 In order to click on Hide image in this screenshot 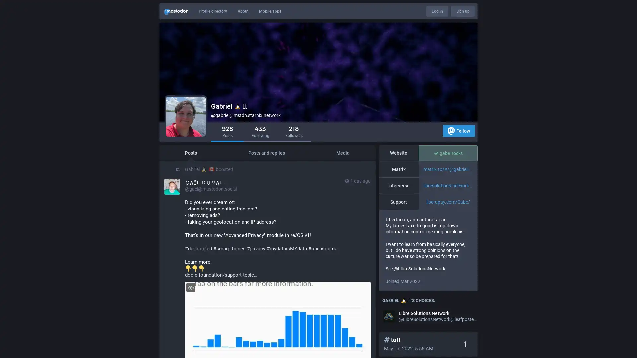, I will do `click(190, 287)`.